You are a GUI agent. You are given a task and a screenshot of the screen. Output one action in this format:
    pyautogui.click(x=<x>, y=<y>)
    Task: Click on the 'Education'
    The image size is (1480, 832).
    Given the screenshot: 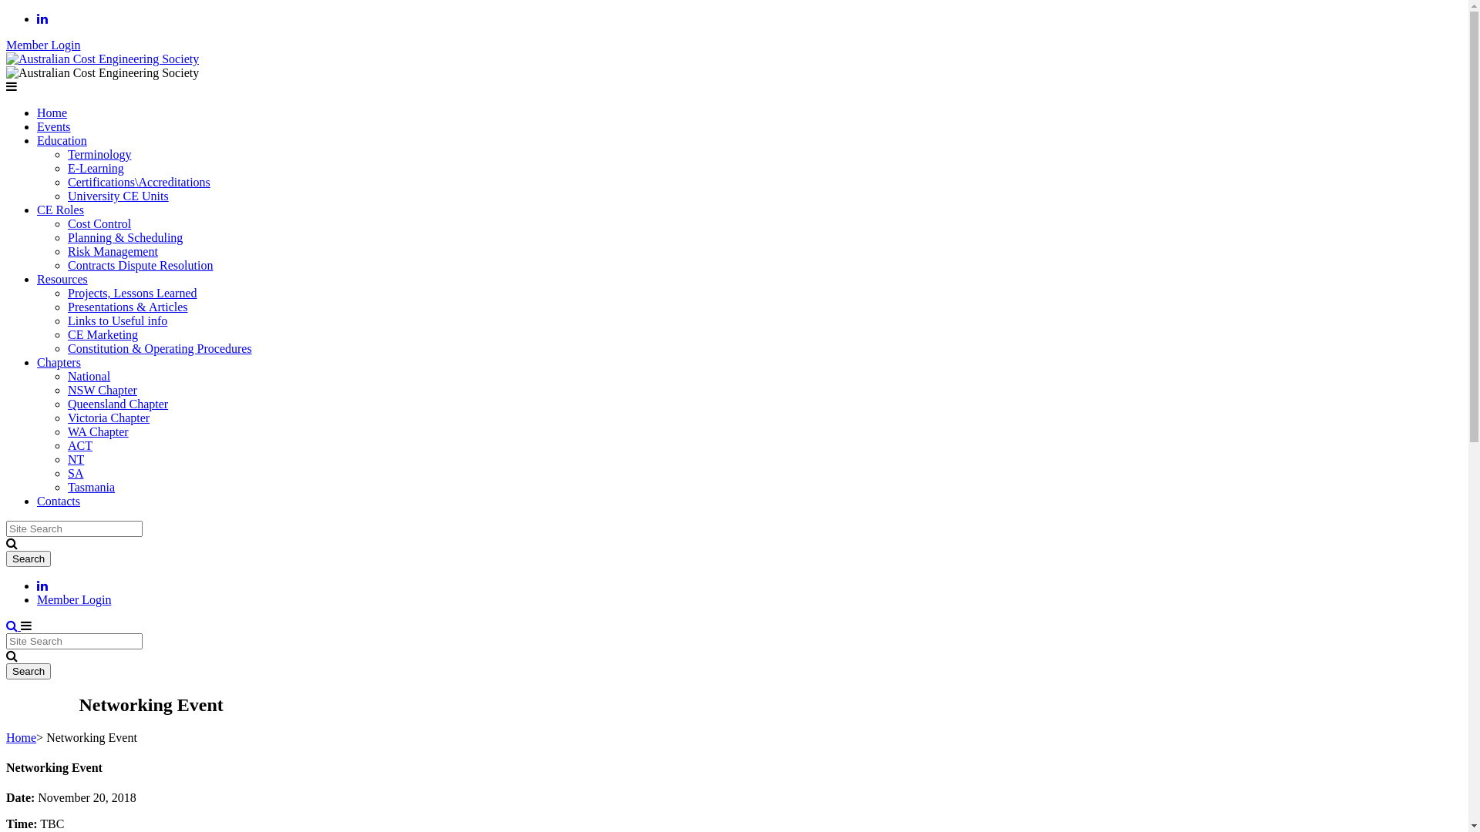 What is the action you would take?
    pyautogui.click(x=62, y=140)
    